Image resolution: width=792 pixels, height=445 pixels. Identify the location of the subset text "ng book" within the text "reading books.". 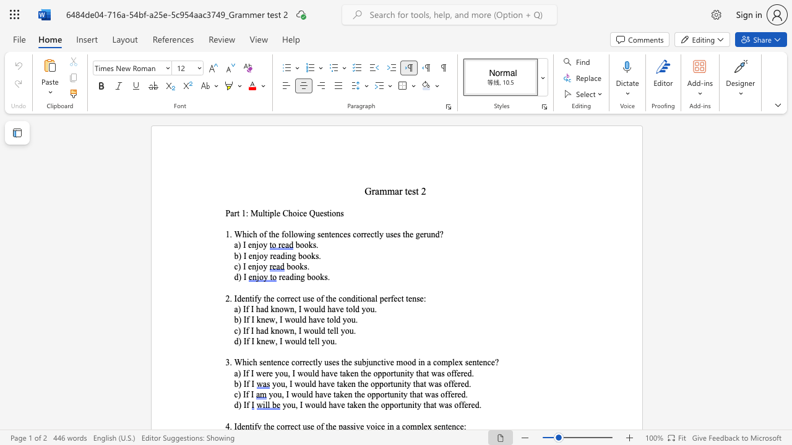
(295, 276).